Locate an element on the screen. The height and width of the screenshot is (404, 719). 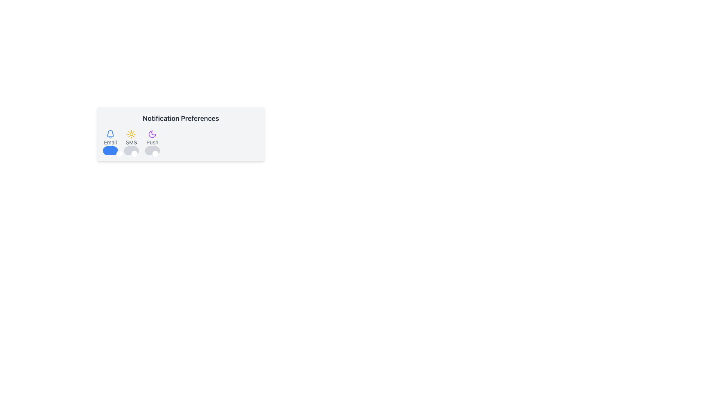
the third text label that describes the purpose of the associated toggle switch for managing Push notifications, which is centrally aligned below the moon symbol in the 'Notification Preferences' section is located at coordinates (152, 143).